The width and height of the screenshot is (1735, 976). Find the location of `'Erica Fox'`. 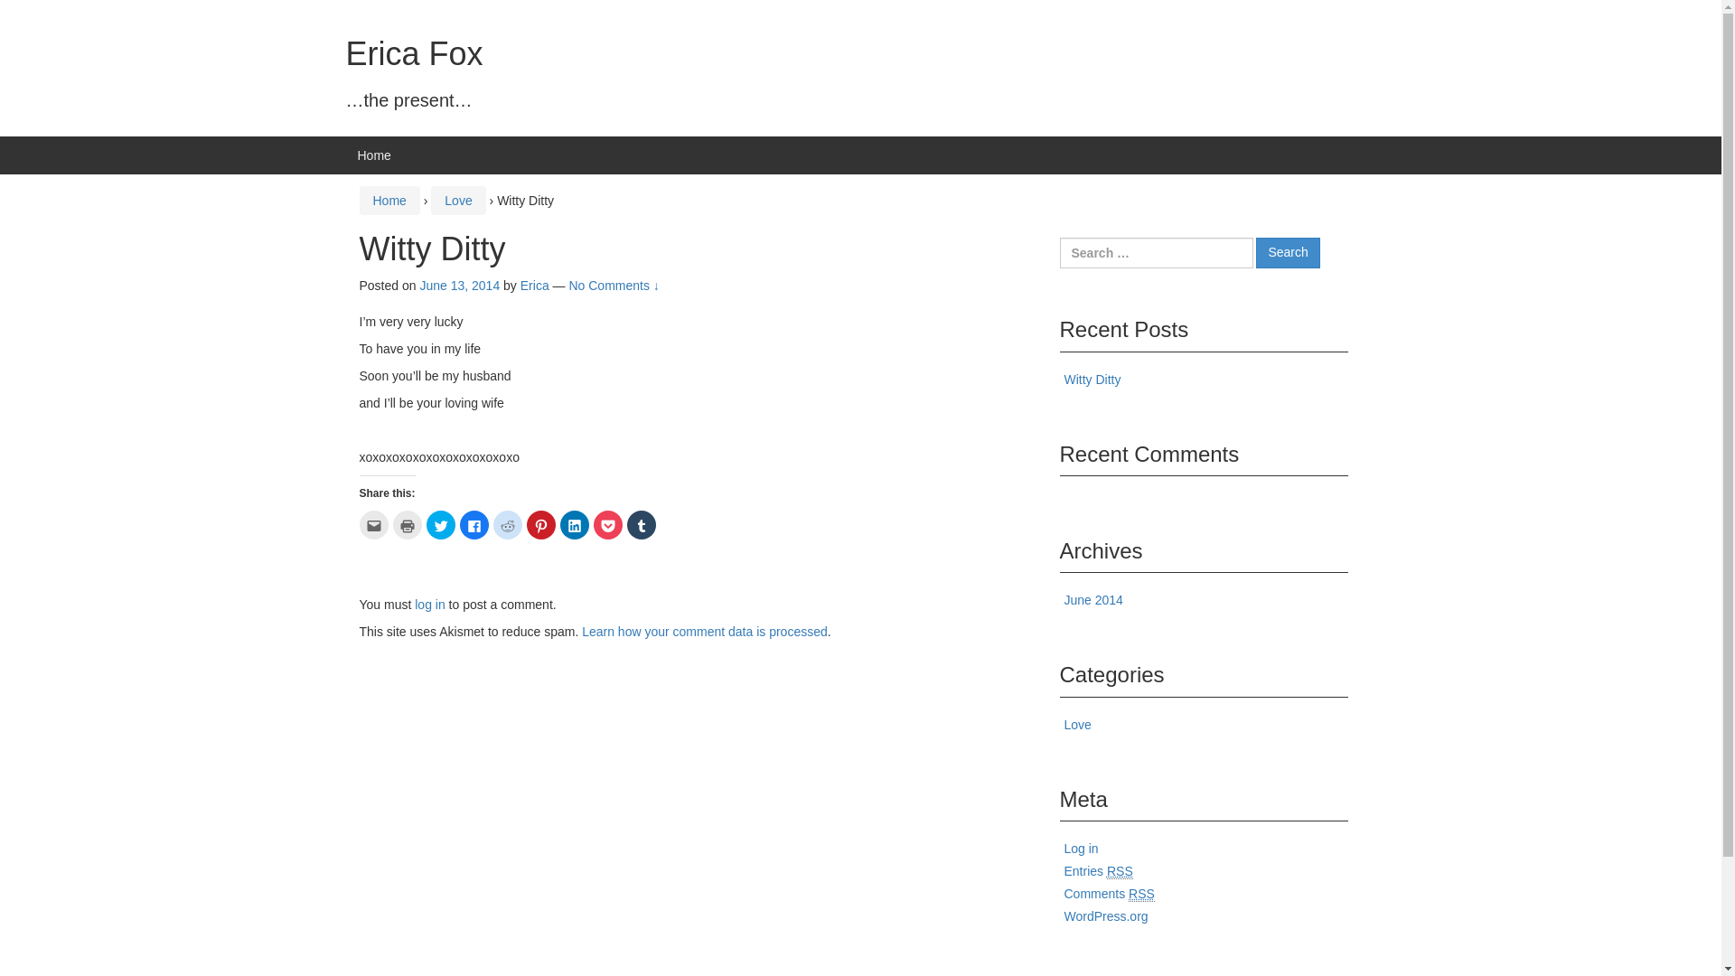

'Erica Fox' is located at coordinates (345, 52).